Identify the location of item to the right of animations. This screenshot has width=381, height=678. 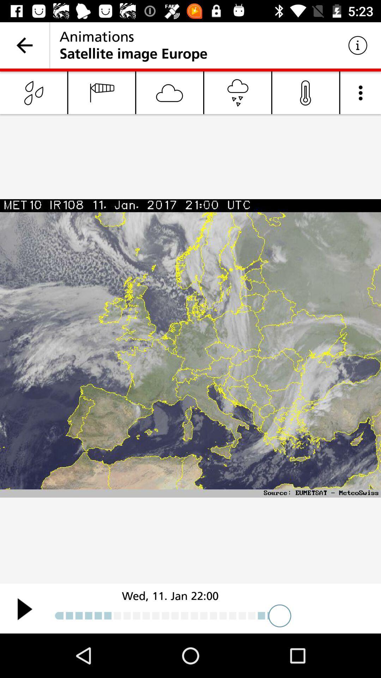
(358, 45).